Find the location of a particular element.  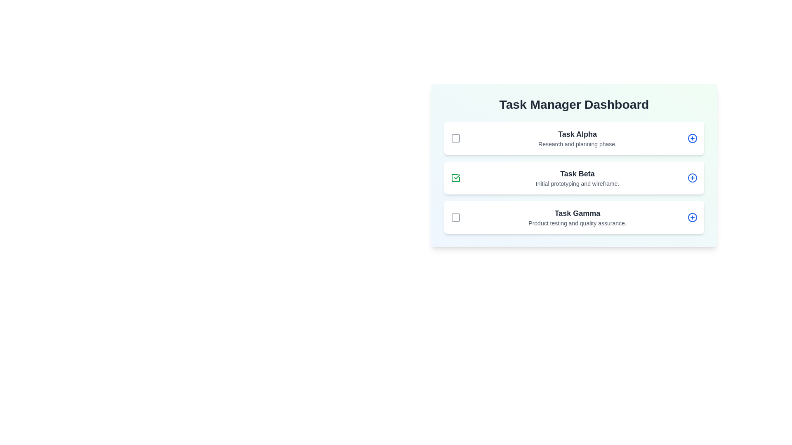

the action button for Task Beta is located at coordinates (693, 178).